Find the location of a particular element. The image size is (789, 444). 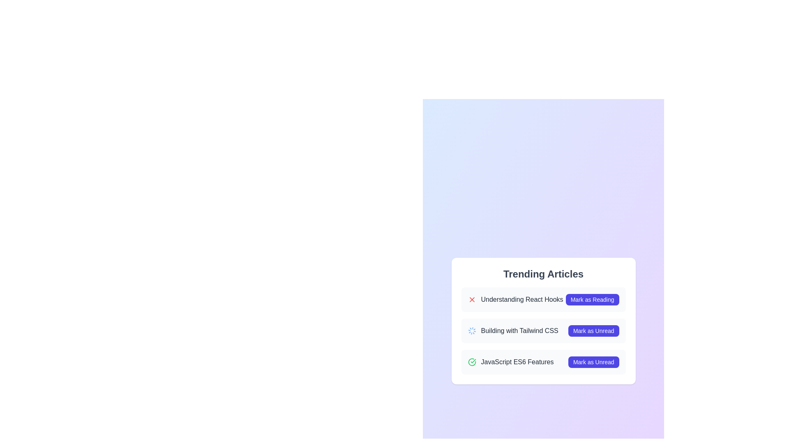

the spinner animation indicating an ongoing process for the list item labeled 'Building with Tailwind CSS' which is part of the 'Trending Articles' section is located at coordinates (543, 331).